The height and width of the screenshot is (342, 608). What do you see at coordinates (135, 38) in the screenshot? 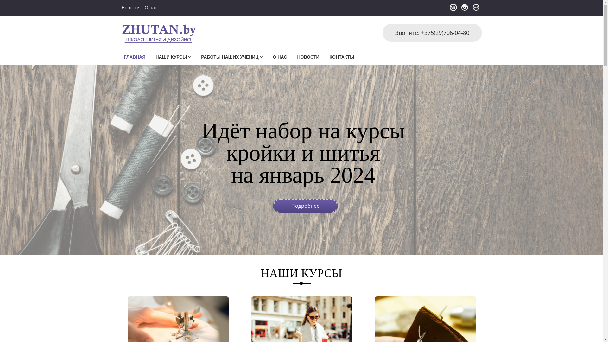
I see `'zhutan'` at bounding box center [135, 38].